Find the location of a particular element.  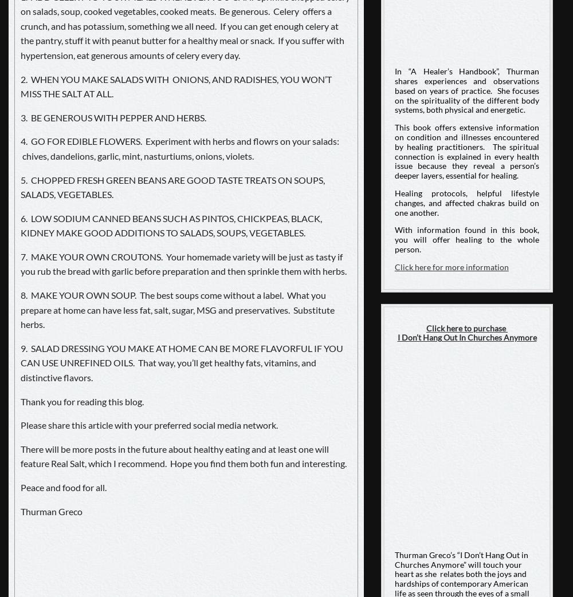

'5.  CHOPPED FRESH GREEN BEANS ARE GOOD TASTE TREATS ON SOUPS, SALADS, VEGETABLES.' is located at coordinates (172, 186).